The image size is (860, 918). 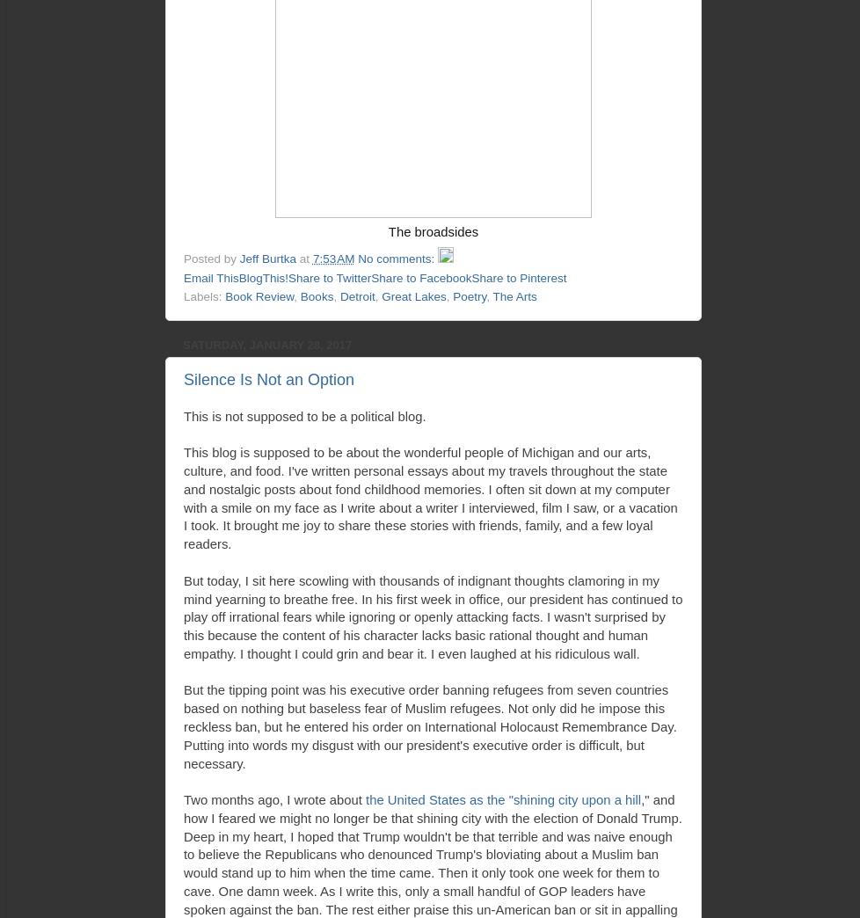 I want to click on 'The broadsides', so click(x=433, y=229).